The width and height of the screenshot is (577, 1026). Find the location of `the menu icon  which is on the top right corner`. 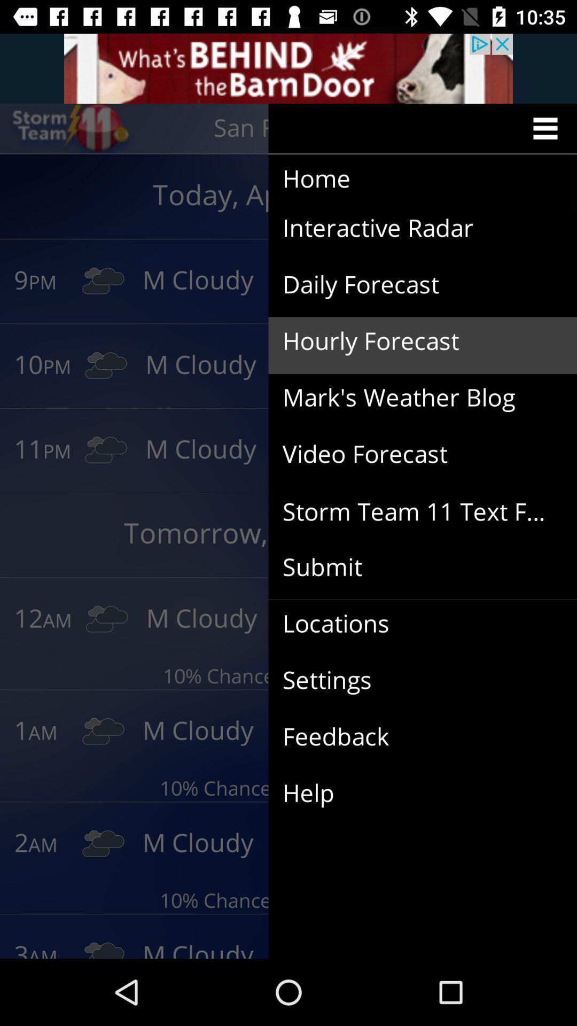

the menu icon  which is on the top right corner is located at coordinates (548, 128).